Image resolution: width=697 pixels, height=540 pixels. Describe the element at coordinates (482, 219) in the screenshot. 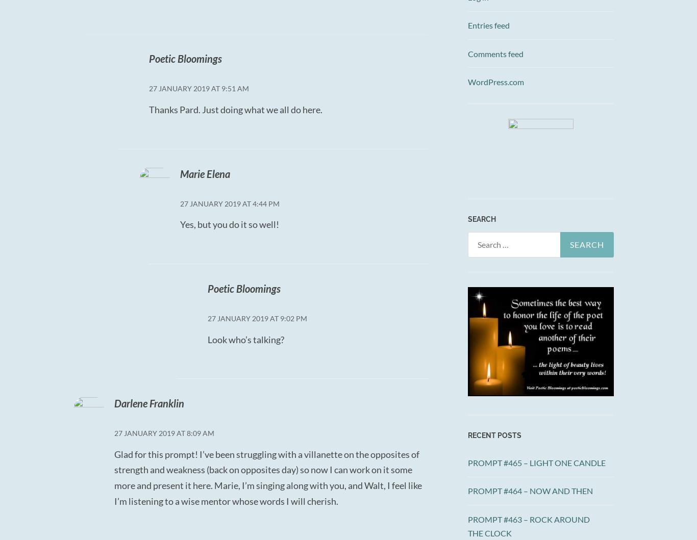

I see `'SEARCH'` at that location.